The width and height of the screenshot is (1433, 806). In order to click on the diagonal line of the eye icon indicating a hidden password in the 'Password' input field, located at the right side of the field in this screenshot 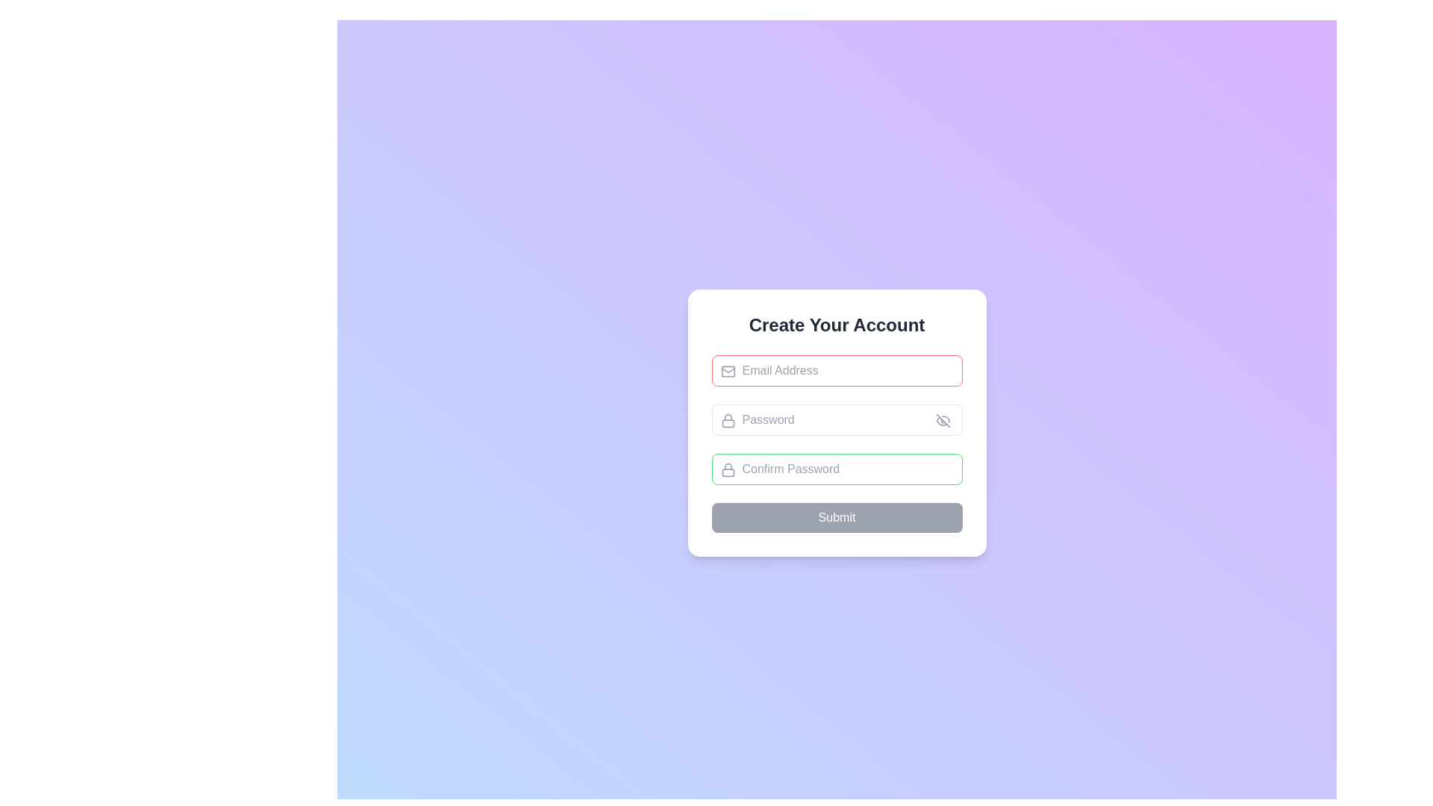, I will do `click(942, 420)`.